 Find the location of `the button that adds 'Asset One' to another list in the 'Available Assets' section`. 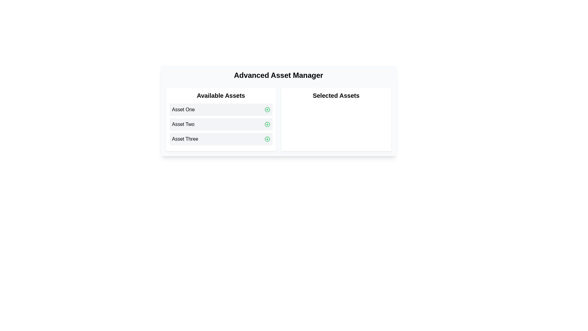

the button that adds 'Asset One' to another list in the 'Available Assets' section is located at coordinates (267, 109).